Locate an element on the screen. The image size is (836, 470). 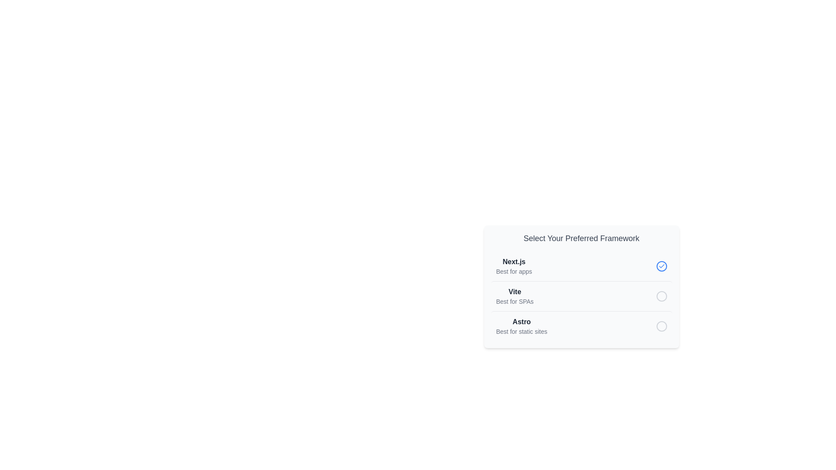
the radio button located to the right of the 'Next.js' option is located at coordinates (661, 266).